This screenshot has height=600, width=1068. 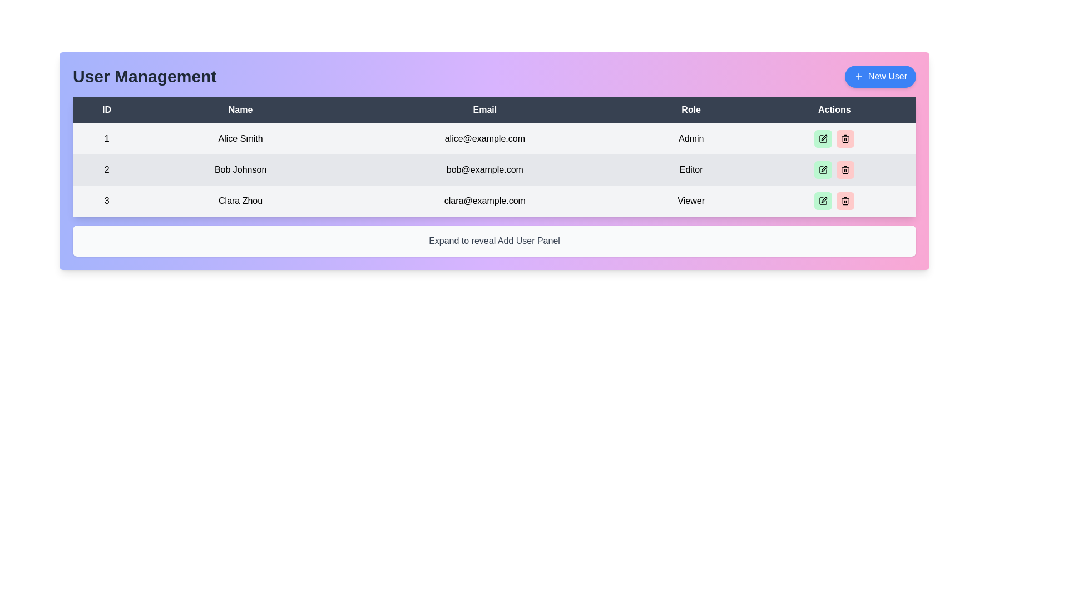 What do you see at coordinates (484, 169) in the screenshot?
I see `the text label displaying the email 'bob@example.com' located in the 'Email' column of the second row of the user management table` at bounding box center [484, 169].